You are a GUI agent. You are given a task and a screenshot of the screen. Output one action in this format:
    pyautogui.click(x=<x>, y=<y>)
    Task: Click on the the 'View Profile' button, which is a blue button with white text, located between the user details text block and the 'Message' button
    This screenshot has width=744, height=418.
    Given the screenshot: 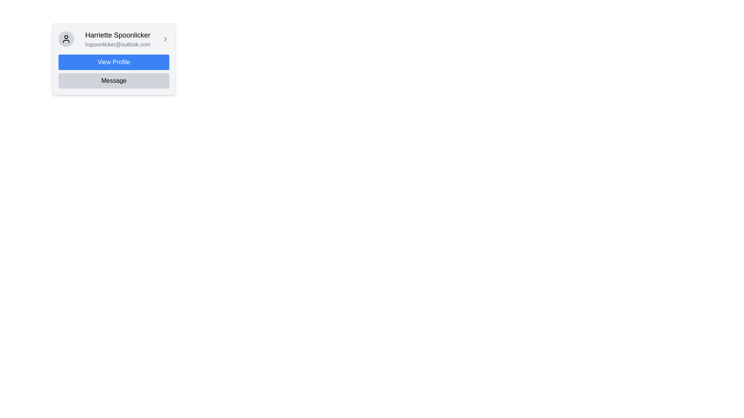 What is the action you would take?
    pyautogui.click(x=113, y=62)
    